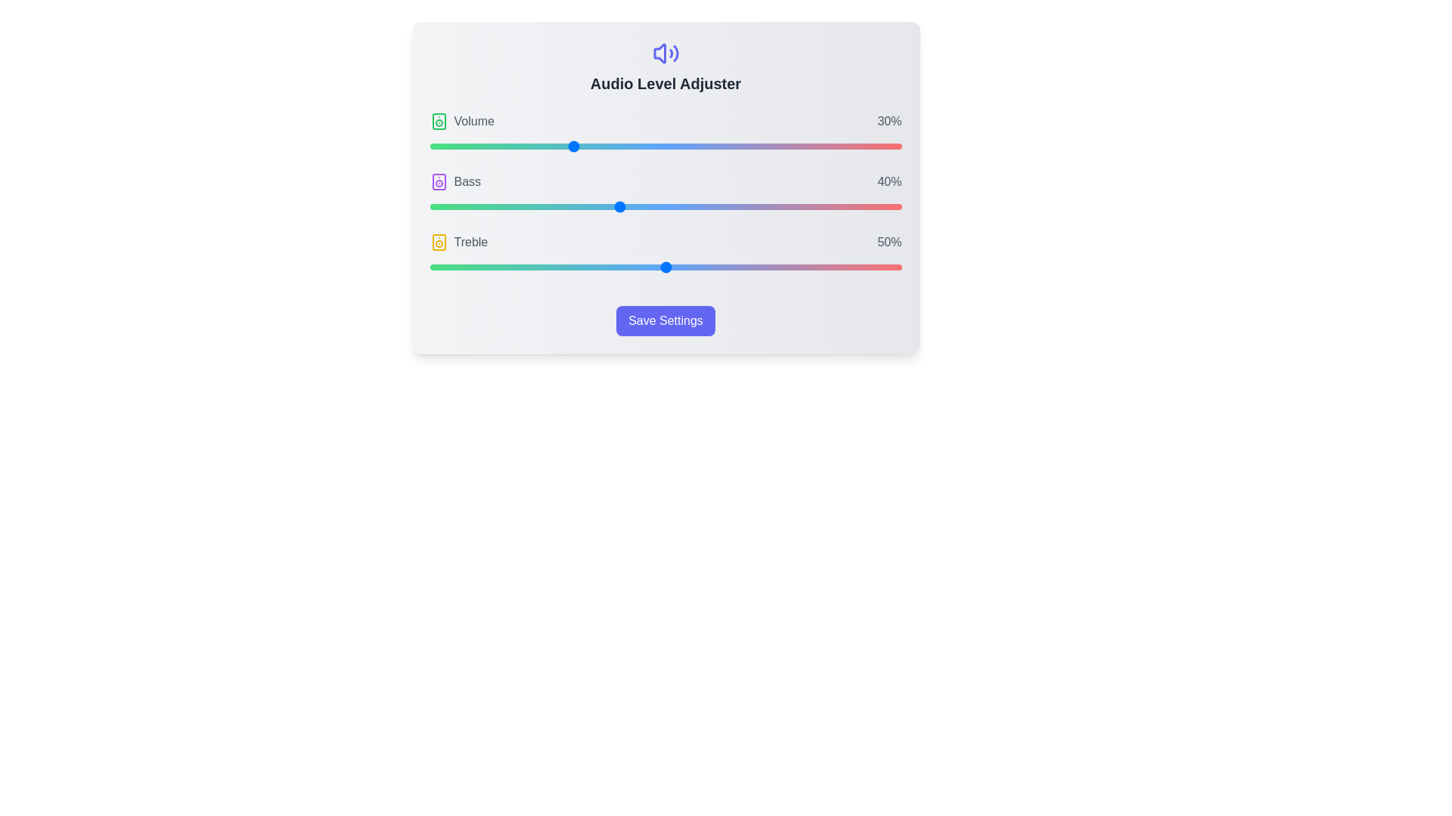  Describe the element at coordinates (619, 146) in the screenshot. I see `the Volume slider to 40%` at that location.